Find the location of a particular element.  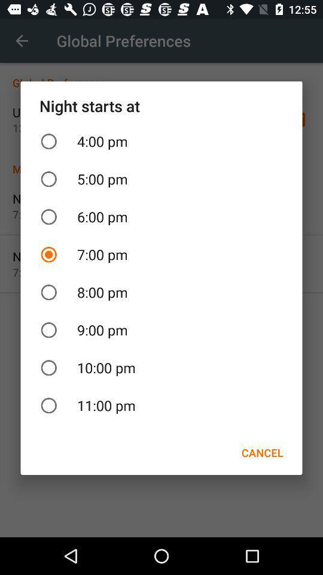

item below the 11:00 pm item is located at coordinates (261, 452).